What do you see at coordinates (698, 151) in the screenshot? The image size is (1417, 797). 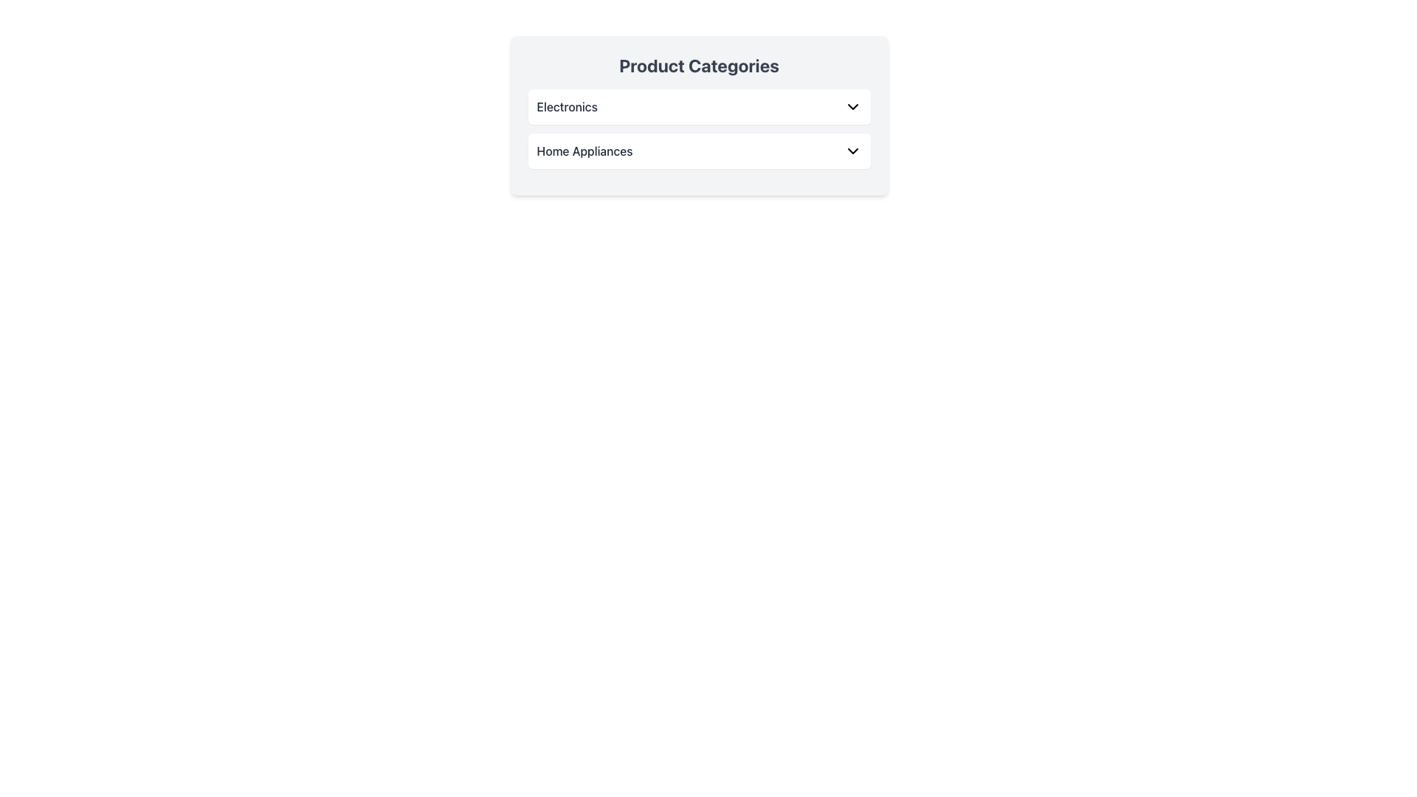 I see `the 'Home Appliances' dropdown menu item, which is the second item in the 'Product Categories' panel` at bounding box center [698, 151].